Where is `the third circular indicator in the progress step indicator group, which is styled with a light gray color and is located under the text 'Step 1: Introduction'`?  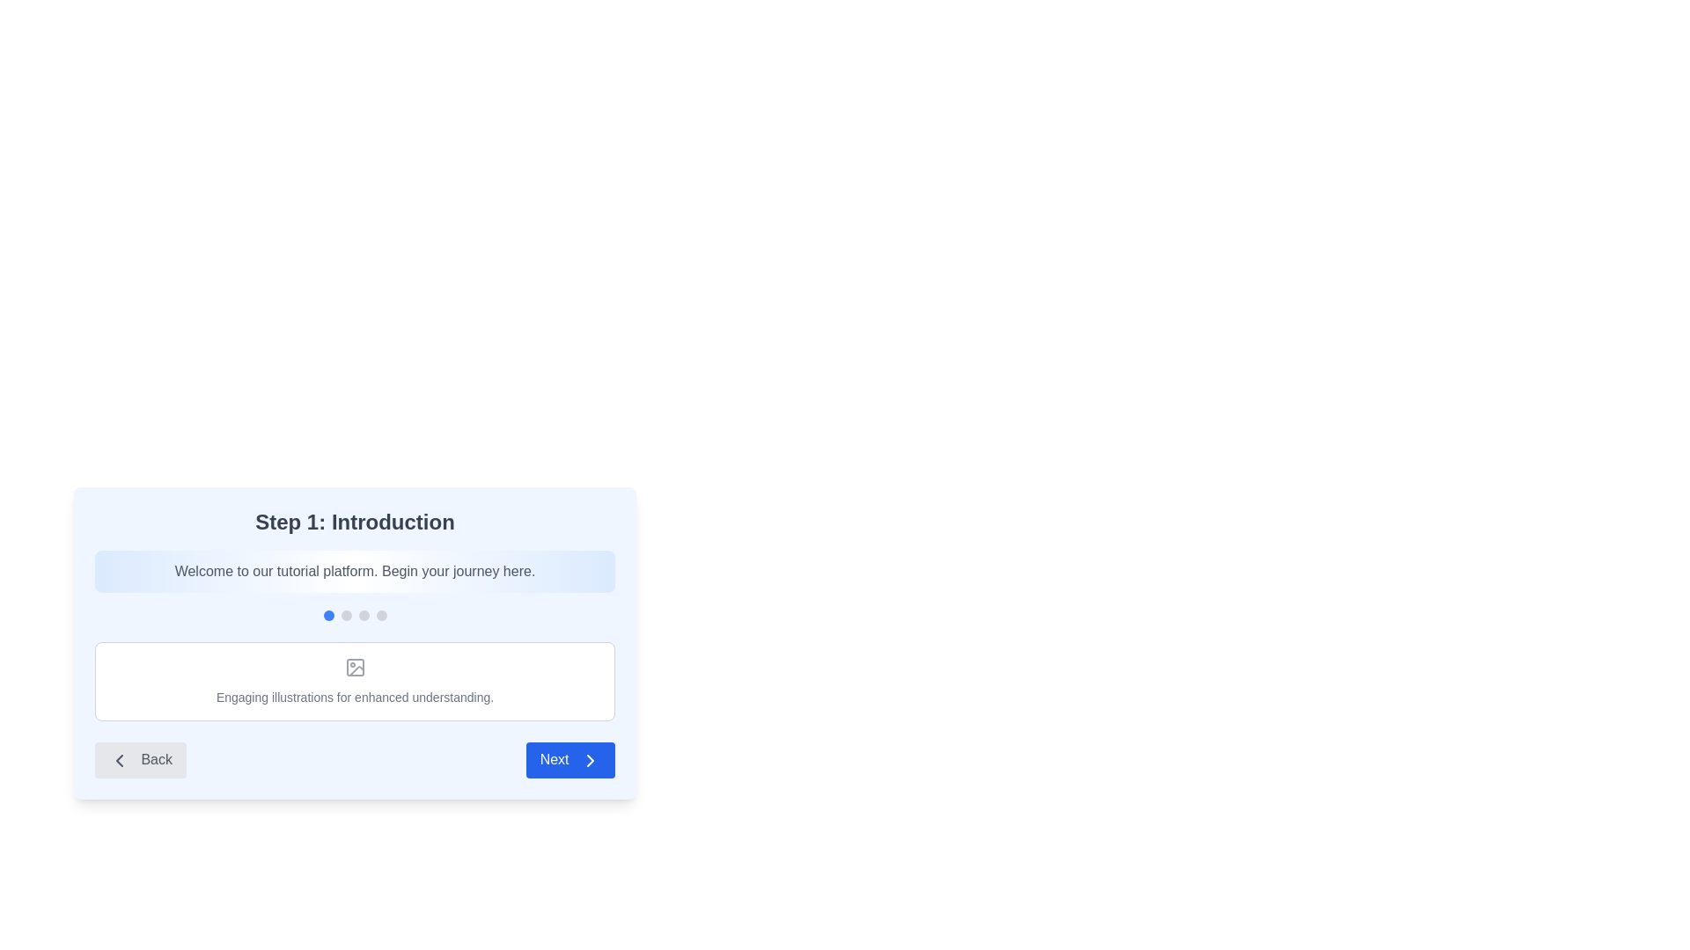 the third circular indicator in the progress step indicator group, which is styled with a light gray color and is located under the text 'Step 1: Introduction' is located at coordinates (363, 614).